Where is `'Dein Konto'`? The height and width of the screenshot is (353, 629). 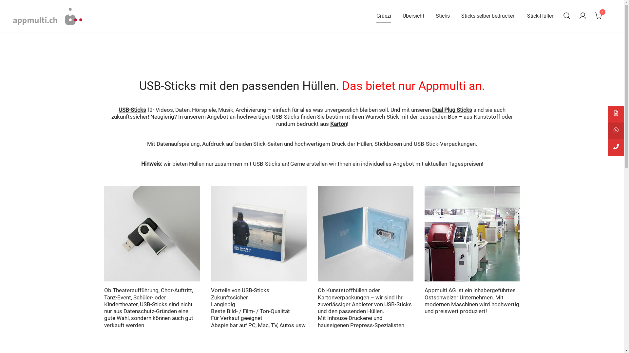
'Dein Konto' is located at coordinates (583, 16).